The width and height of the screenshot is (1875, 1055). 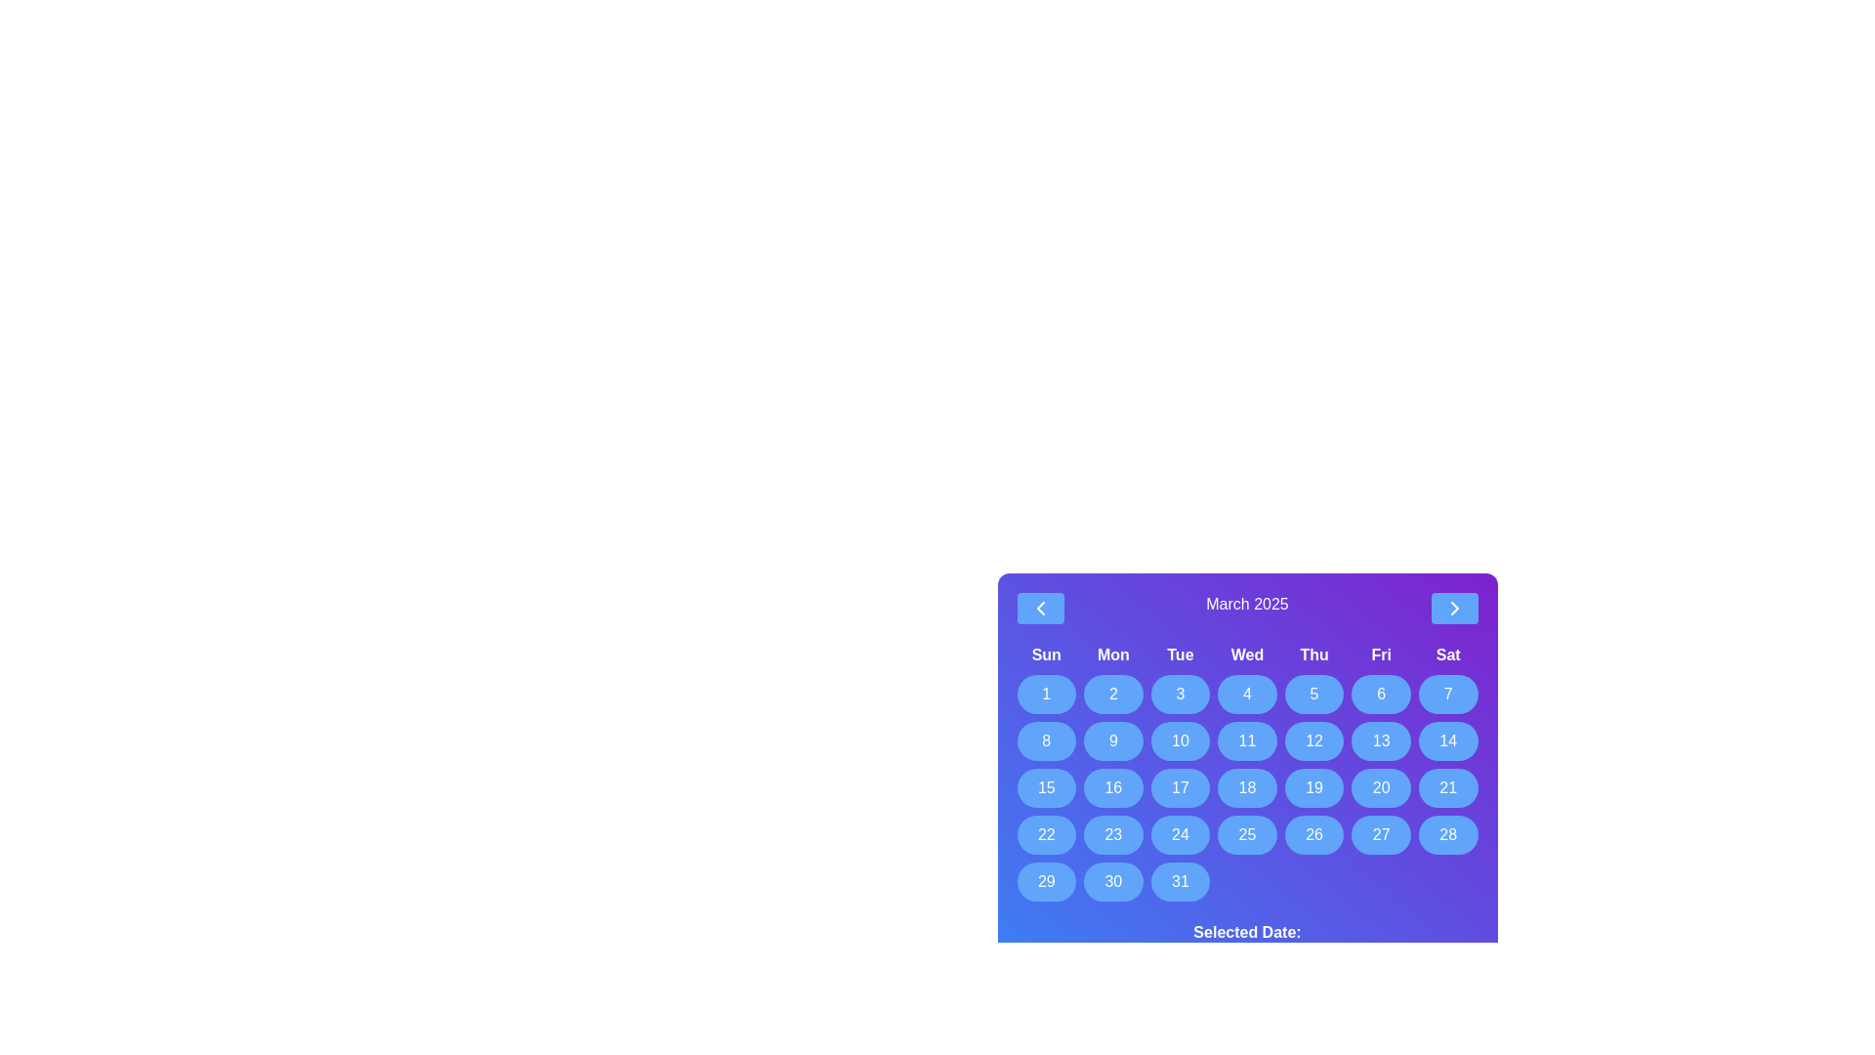 I want to click on the circular button with a light blue background displaying the number '12', located, so click(x=1314, y=741).